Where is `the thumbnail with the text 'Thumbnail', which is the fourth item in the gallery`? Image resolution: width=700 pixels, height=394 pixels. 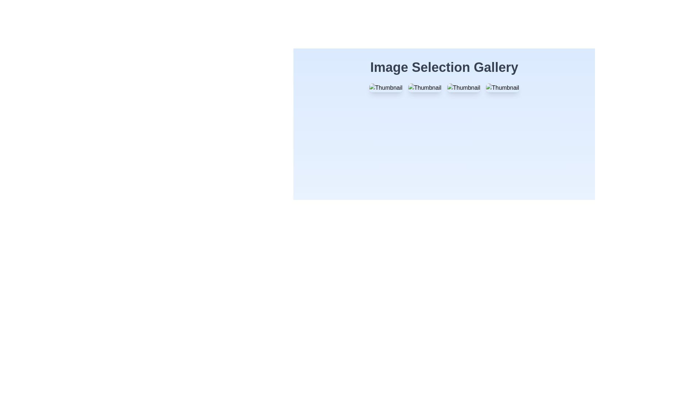
the thumbnail with the text 'Thumbnail', which is the fourth item in the gallery is located at coordinates (502, 87).